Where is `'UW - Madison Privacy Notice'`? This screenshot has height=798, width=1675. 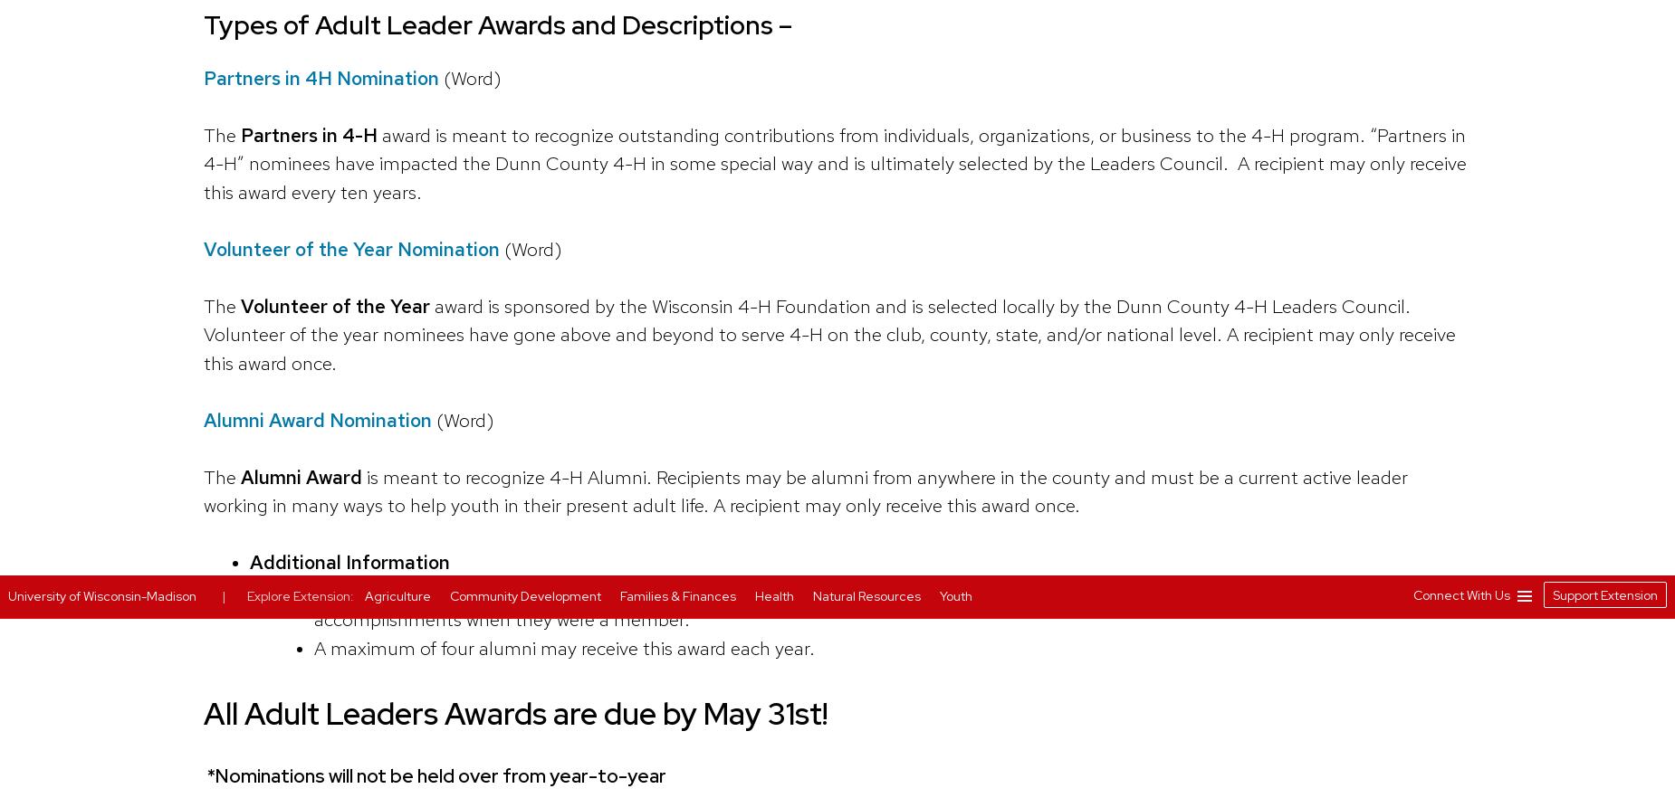 'UW - Madison Privacy Notice' is located at coordinates (1118, 167).